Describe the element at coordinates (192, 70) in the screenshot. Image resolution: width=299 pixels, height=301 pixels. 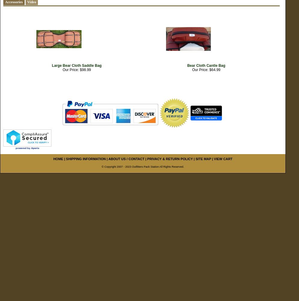
I see `'Our Price: $64.99'` at that location.